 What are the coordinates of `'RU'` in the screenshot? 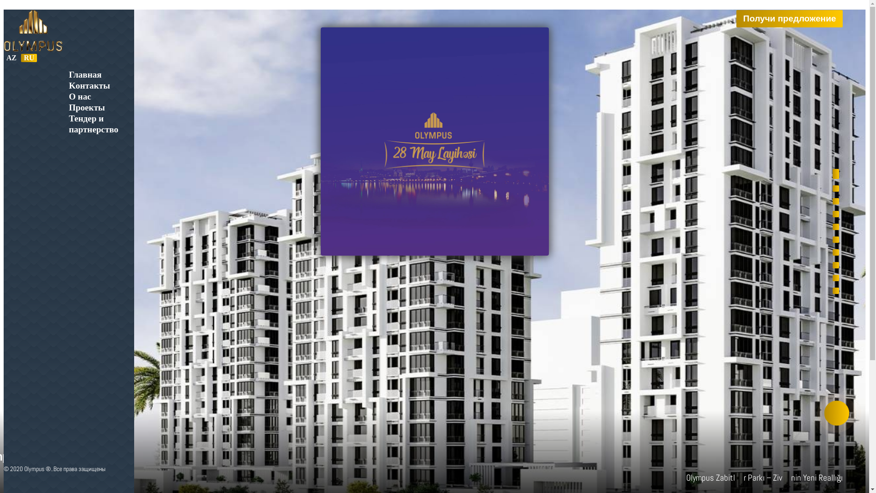 It's located at (29, 58).